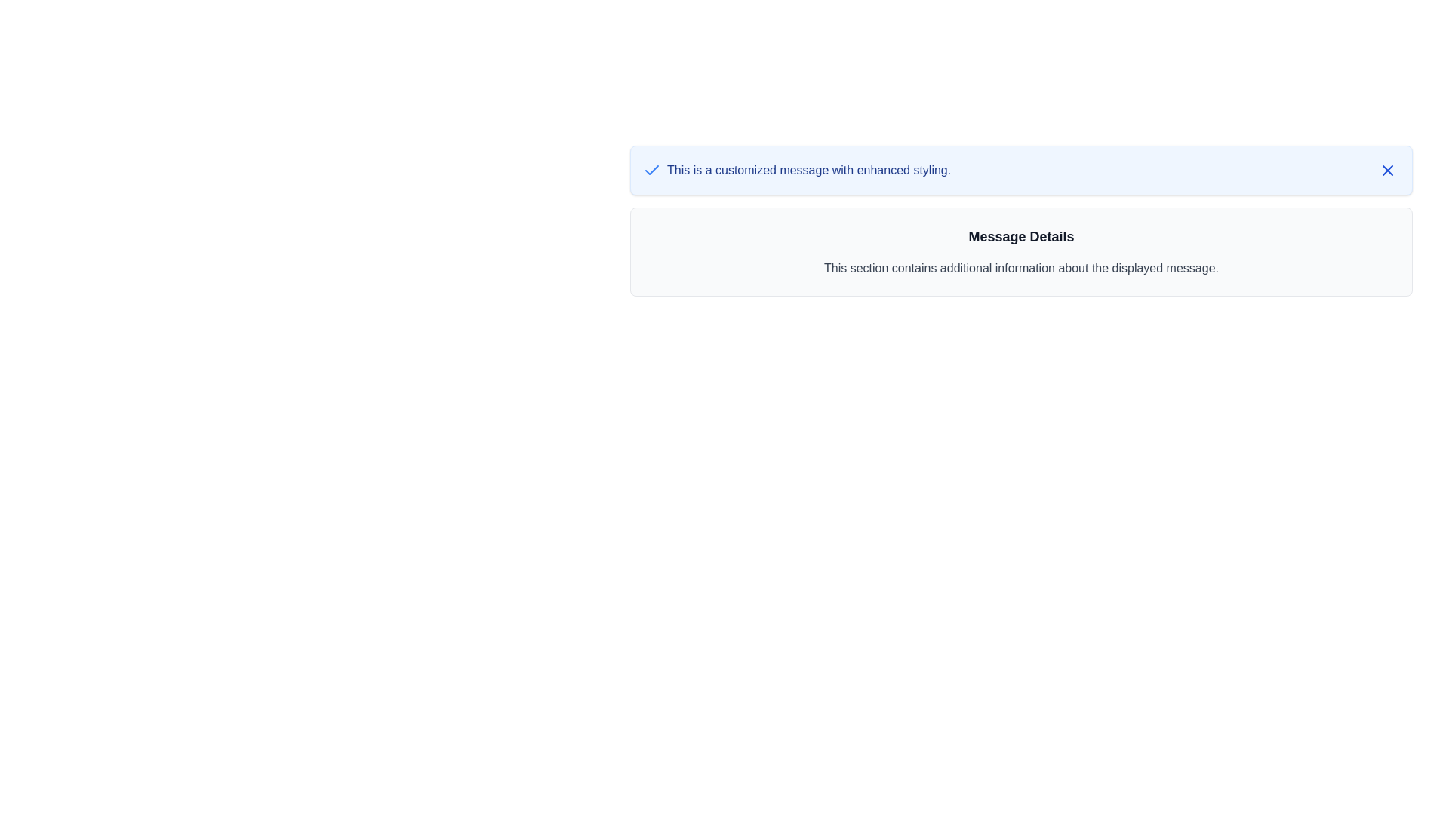 This screenshot has width=1449, height=815. Describe the element at coordinates (808, 170) in the screenshot. I see `the static text component, which serves as an informative message or label for the user, located to the right of a checkbox icon` at that location.